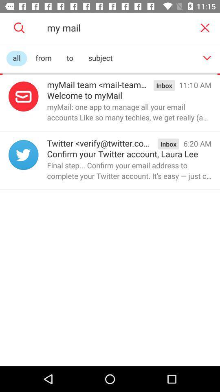 Image resolution: width=220 pixels, height=392 pixels. Describe the element at coordinates (205, 28) in the screenshot. I see `icon next to the my mail icon` at that location.